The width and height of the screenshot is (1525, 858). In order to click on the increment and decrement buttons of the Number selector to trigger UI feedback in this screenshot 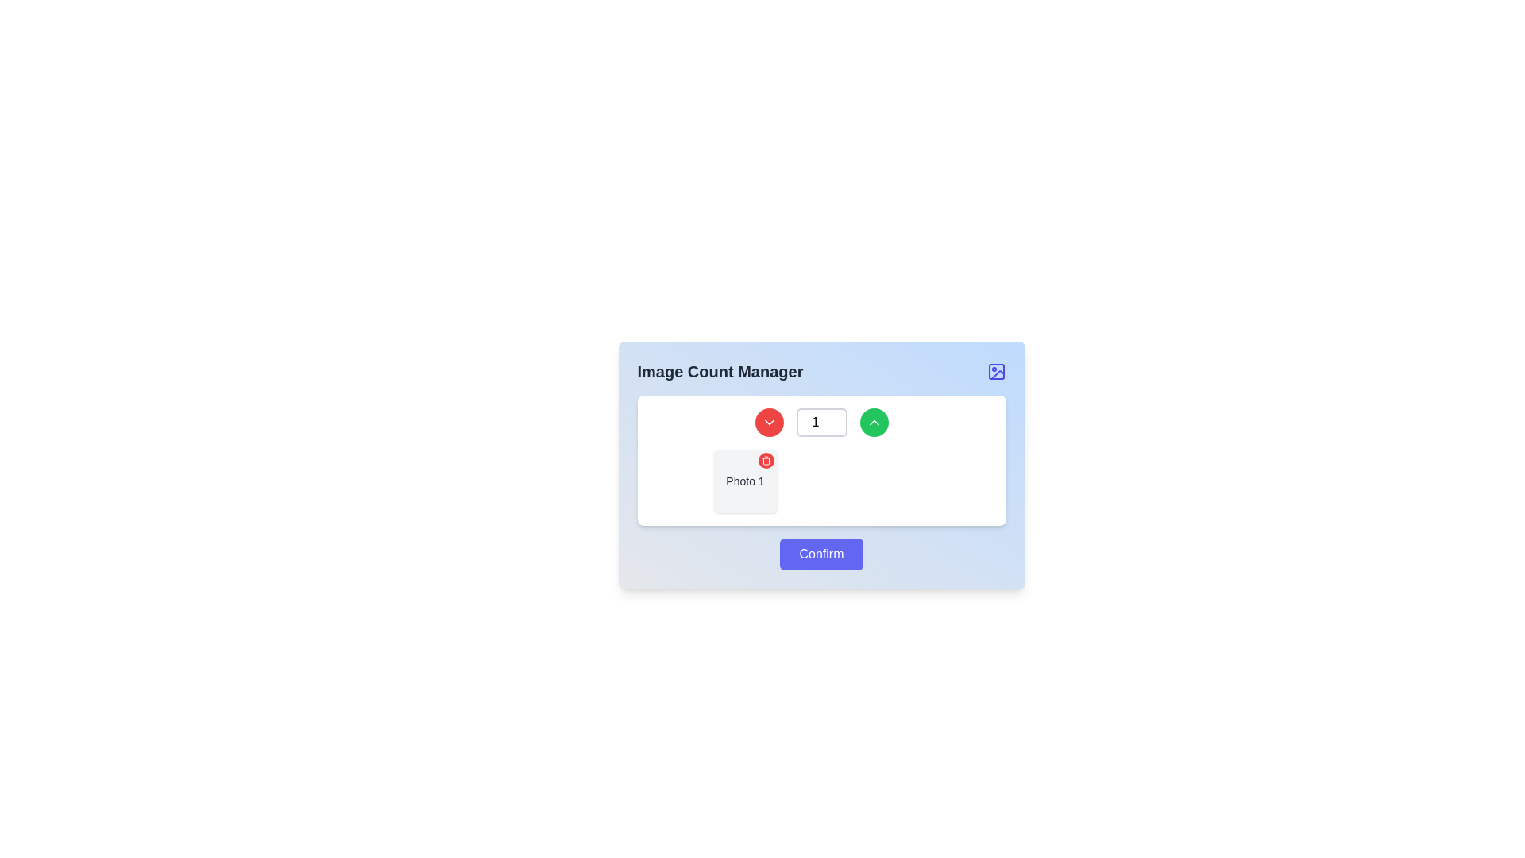, I will do `click(821, 422)`.